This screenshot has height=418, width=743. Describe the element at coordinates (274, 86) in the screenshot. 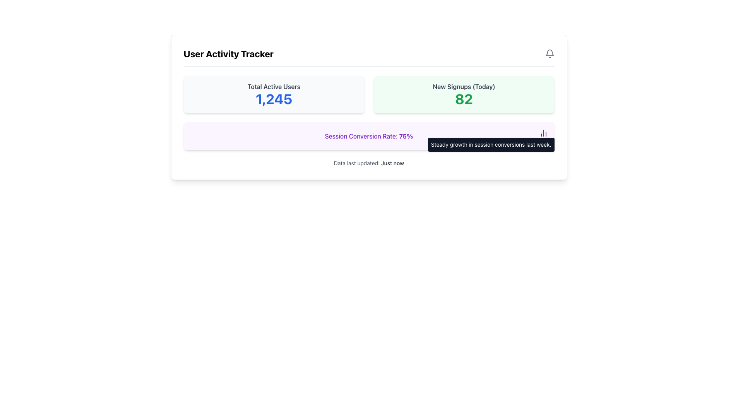

I see `'Total Active Users' text label which serves as a descriptive header for the numerical data displayed below it` at that location.